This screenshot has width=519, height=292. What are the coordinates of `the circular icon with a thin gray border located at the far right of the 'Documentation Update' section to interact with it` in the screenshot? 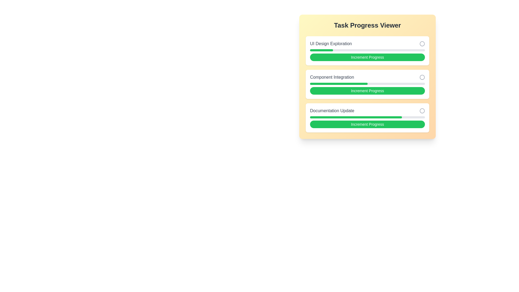 It's located at (422, 110).